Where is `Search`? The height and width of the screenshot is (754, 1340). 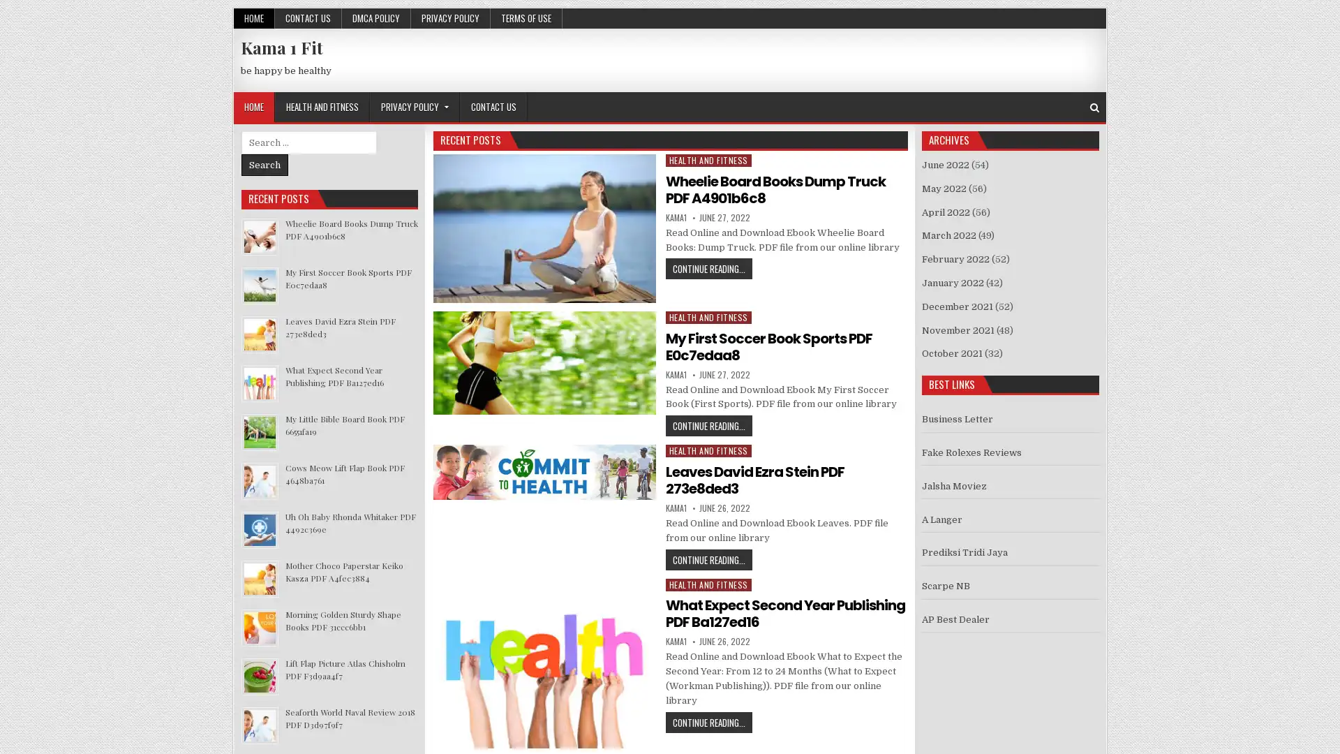 Search is located at coordinates (264, 164).